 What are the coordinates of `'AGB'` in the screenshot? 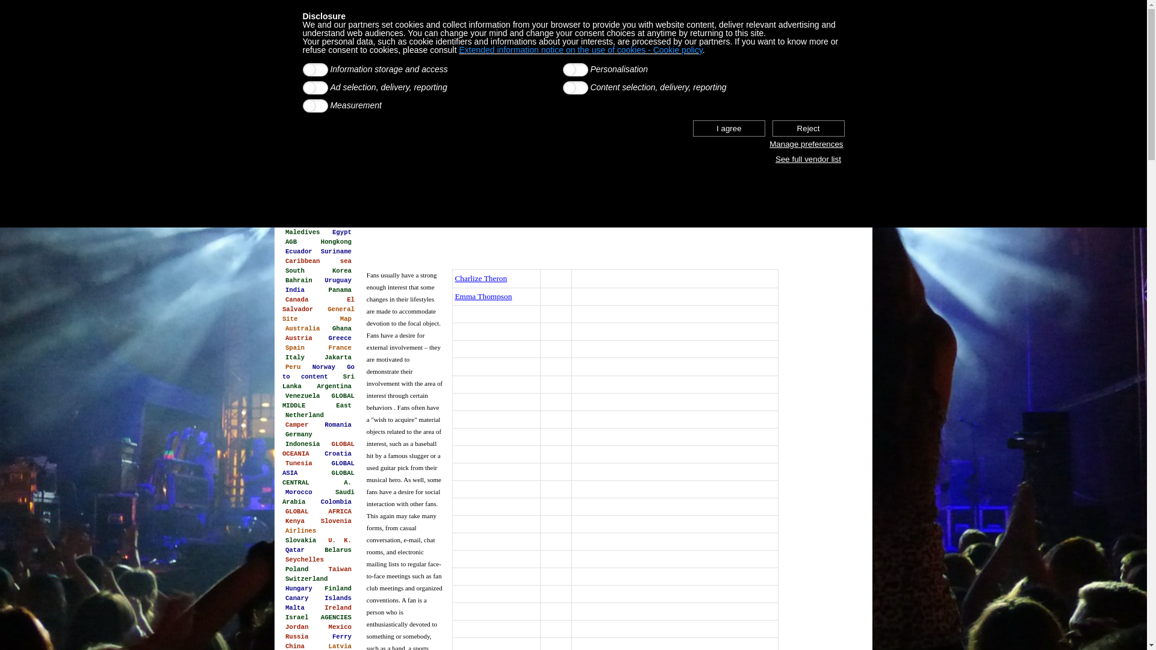 It's located at (291, 241).